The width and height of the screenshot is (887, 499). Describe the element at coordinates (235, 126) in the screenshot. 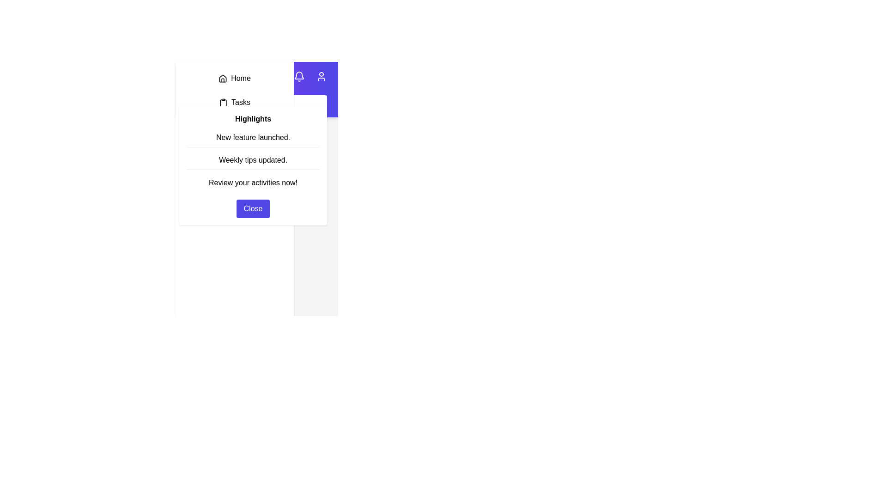

I see `the third navigational item in the menu, which is located between 'Tasks' and 'Settings'` at that location.